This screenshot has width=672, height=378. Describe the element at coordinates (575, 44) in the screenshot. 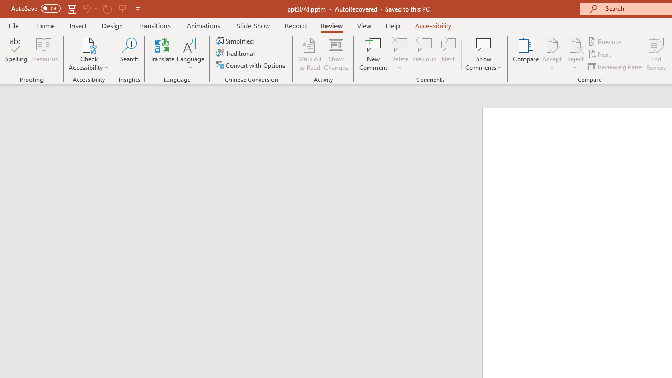

I see `'Reject Change'` at that location.